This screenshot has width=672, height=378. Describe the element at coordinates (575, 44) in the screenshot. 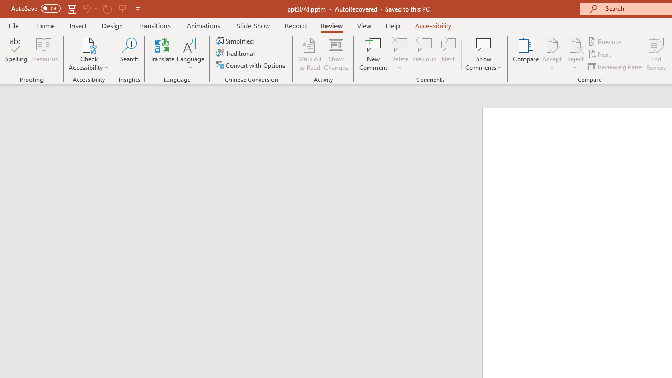

I see `'Reject Change'` at that location.